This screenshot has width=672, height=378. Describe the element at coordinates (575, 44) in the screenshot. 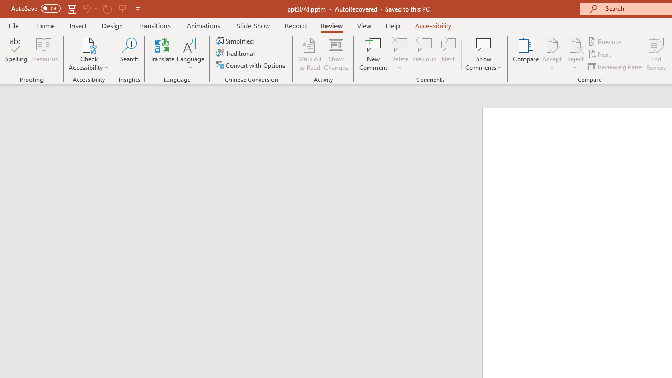

I see `'Reject Change'` at that location.